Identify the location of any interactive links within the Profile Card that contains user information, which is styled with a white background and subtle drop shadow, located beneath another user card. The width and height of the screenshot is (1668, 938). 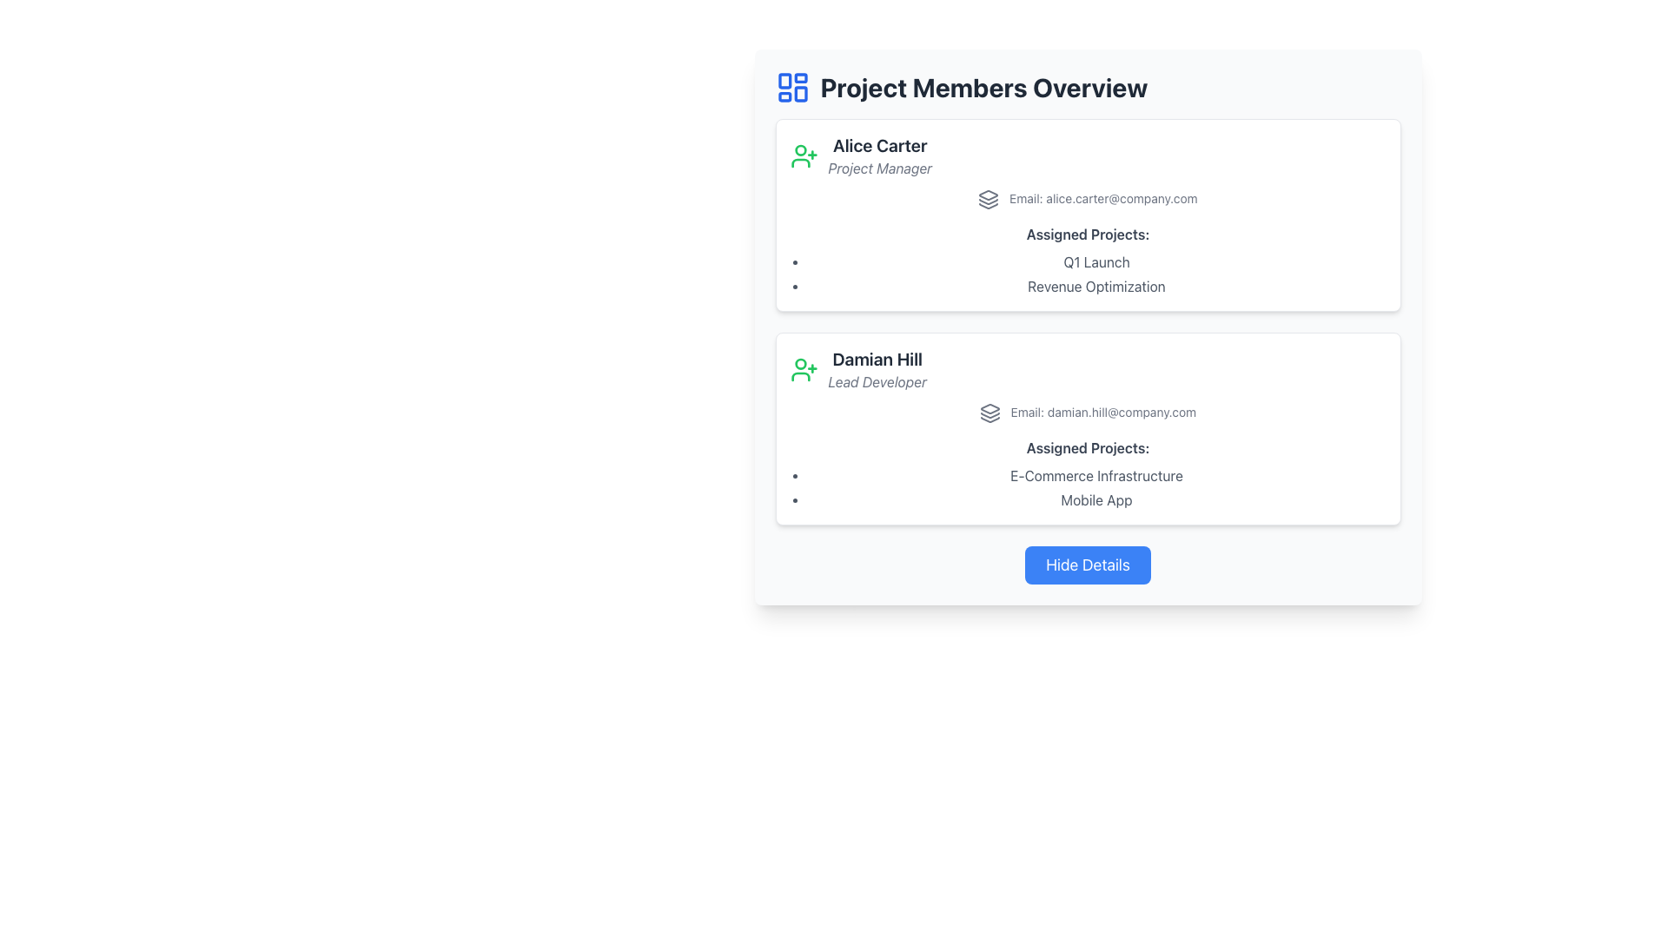
(1087, 428).